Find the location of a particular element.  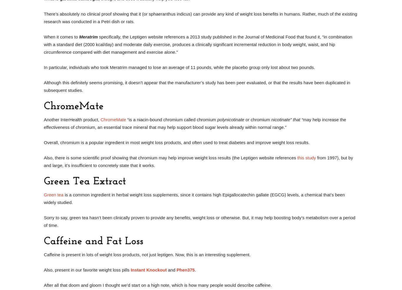

'may help increase the effectiveness of chromium, an essential trace mineral that may help support blood sugar levels already within normal range.”' is located at coordinates (195, 123).